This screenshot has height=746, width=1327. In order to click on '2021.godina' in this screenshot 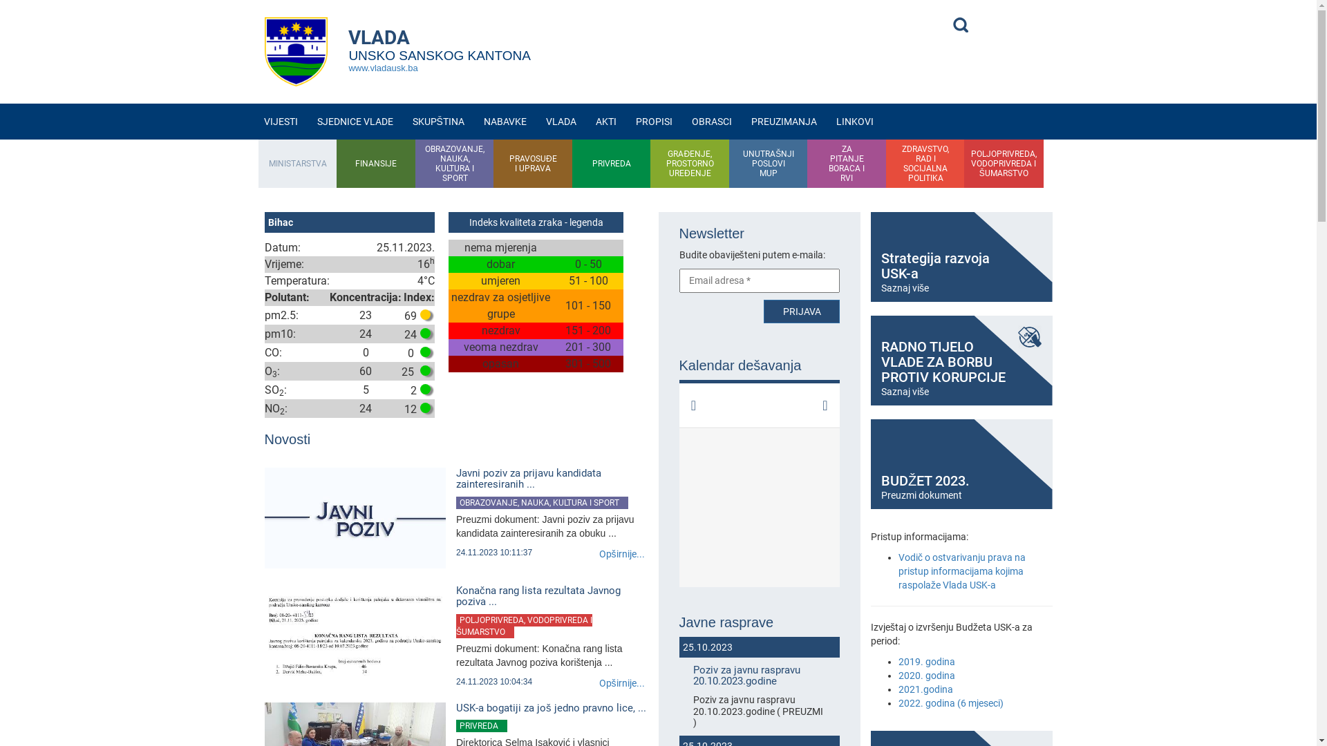, I will do `click(898, 689)`.